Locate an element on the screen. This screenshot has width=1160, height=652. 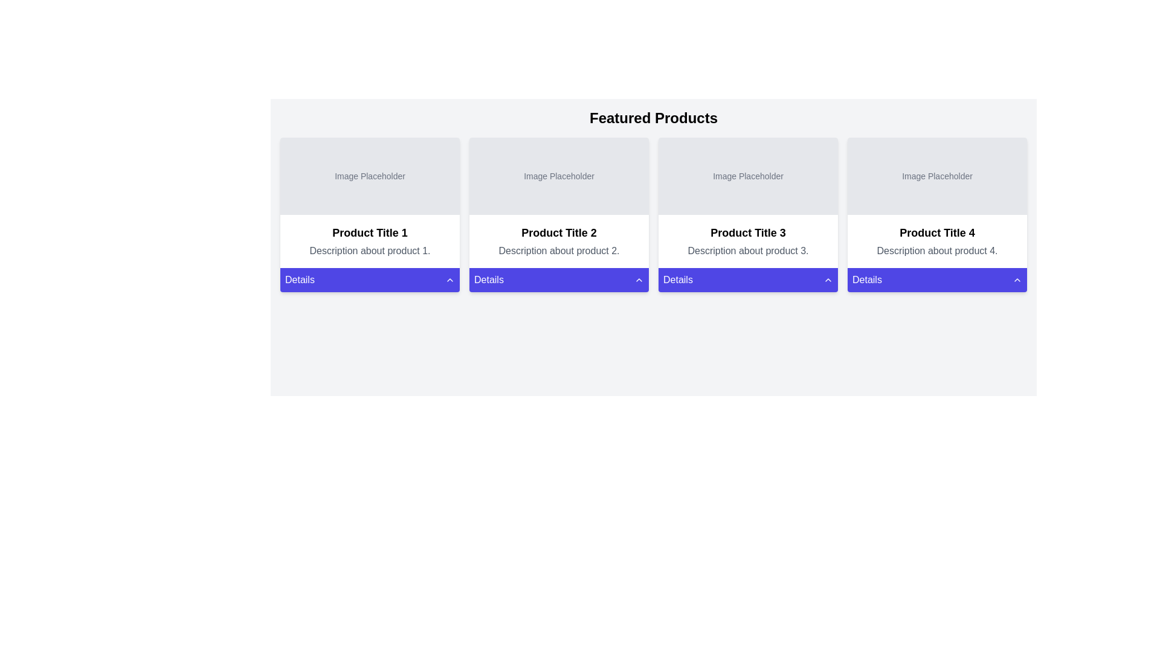
the rectangular button with a bold blue background and white text reading 'Details', located at the bottom of the card for 'Product Title 3' is located at coordinates (747, 280).